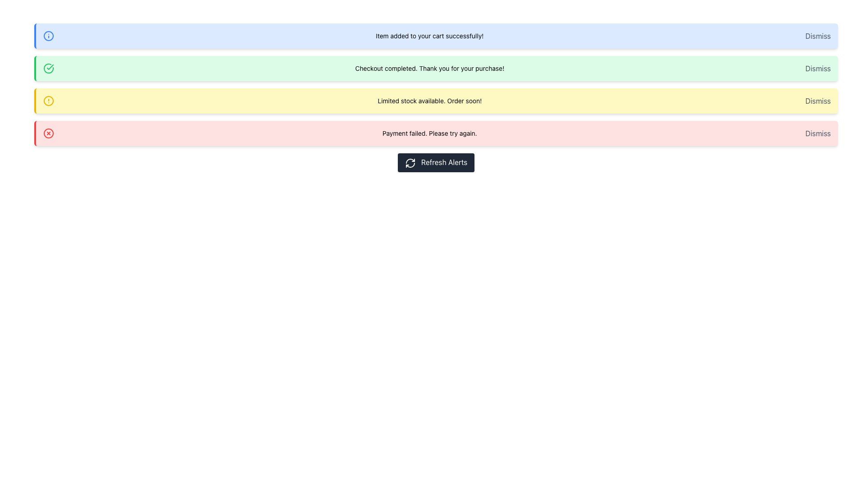 The width and height of the screenshot is (866, 487). I want to click on the alert message text indicating limited stock availability, which is located in the third row of alert messages, positioned centrally between a warning icon and a 'Dismiss' link, so click(429, 101).